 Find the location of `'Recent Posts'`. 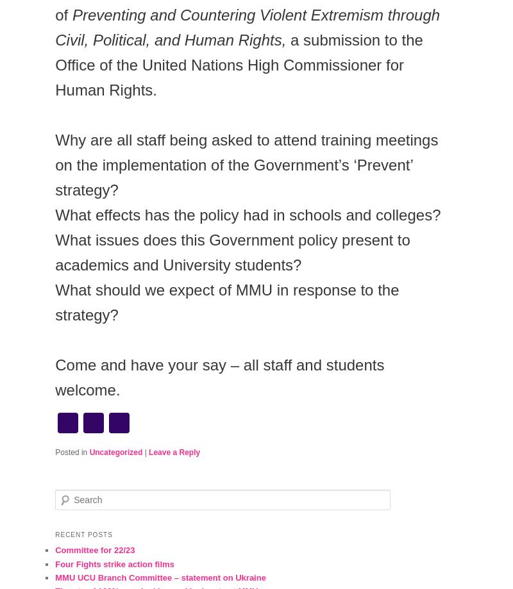

'Recent Posts' is located at coordinates (83, 534).